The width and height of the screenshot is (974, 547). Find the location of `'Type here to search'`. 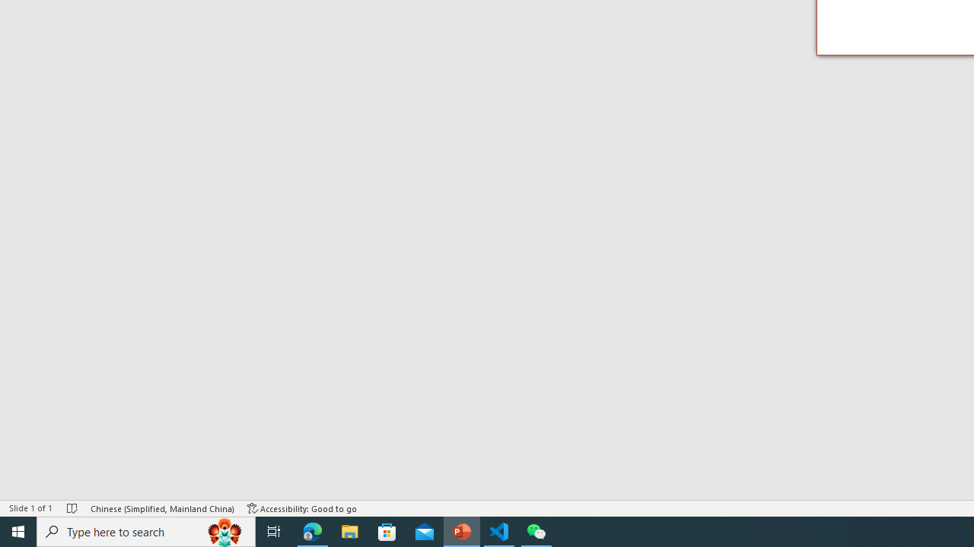

'Type here to search' is located at coordinates (146, 530).